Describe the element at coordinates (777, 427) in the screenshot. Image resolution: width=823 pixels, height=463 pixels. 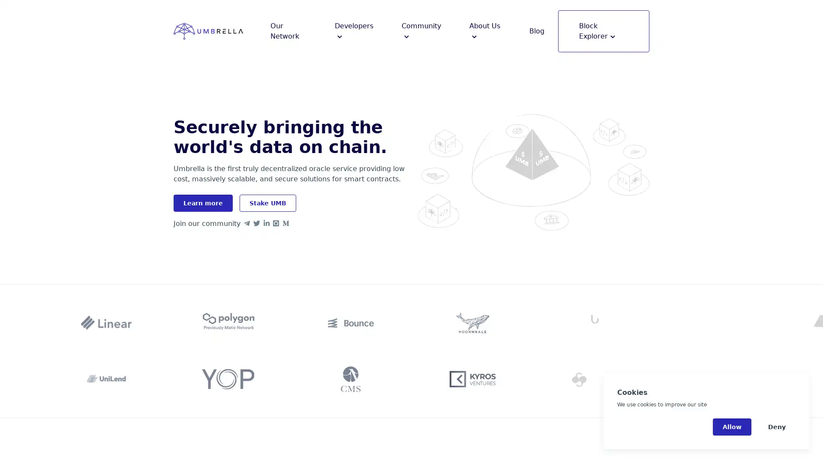
I see `Deny` at that location.